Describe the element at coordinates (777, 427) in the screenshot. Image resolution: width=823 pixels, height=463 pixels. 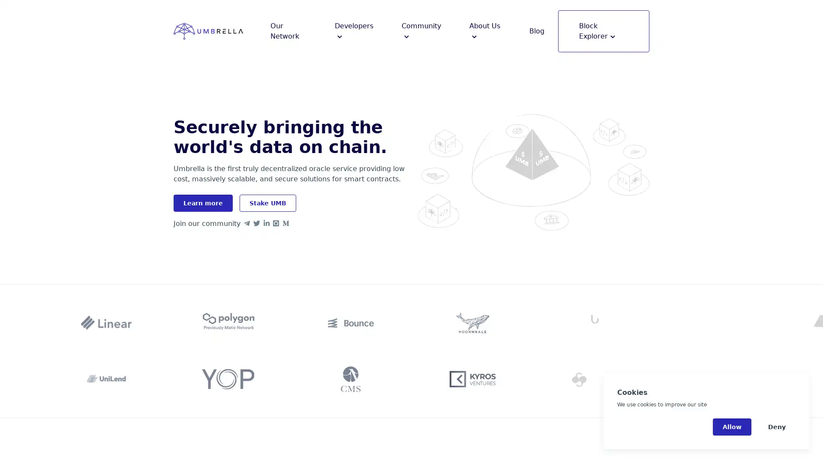
I see `Deny` at that location.